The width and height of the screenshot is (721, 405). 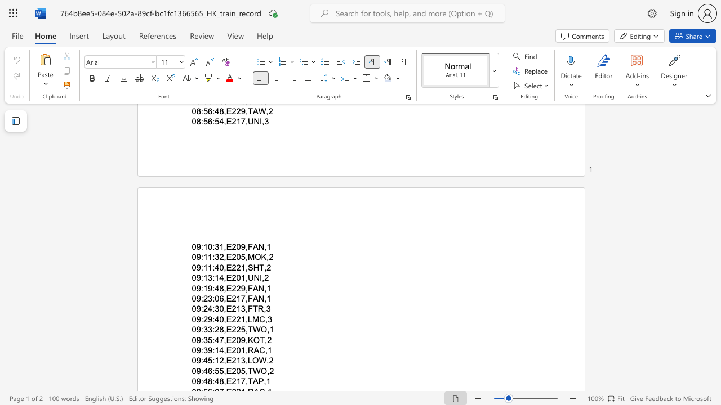 What do you see at coordinates (223, 267) in the screenshot?
I see `the space between the continuous character "0" and "," in the text` at bounding box center [223, 267].